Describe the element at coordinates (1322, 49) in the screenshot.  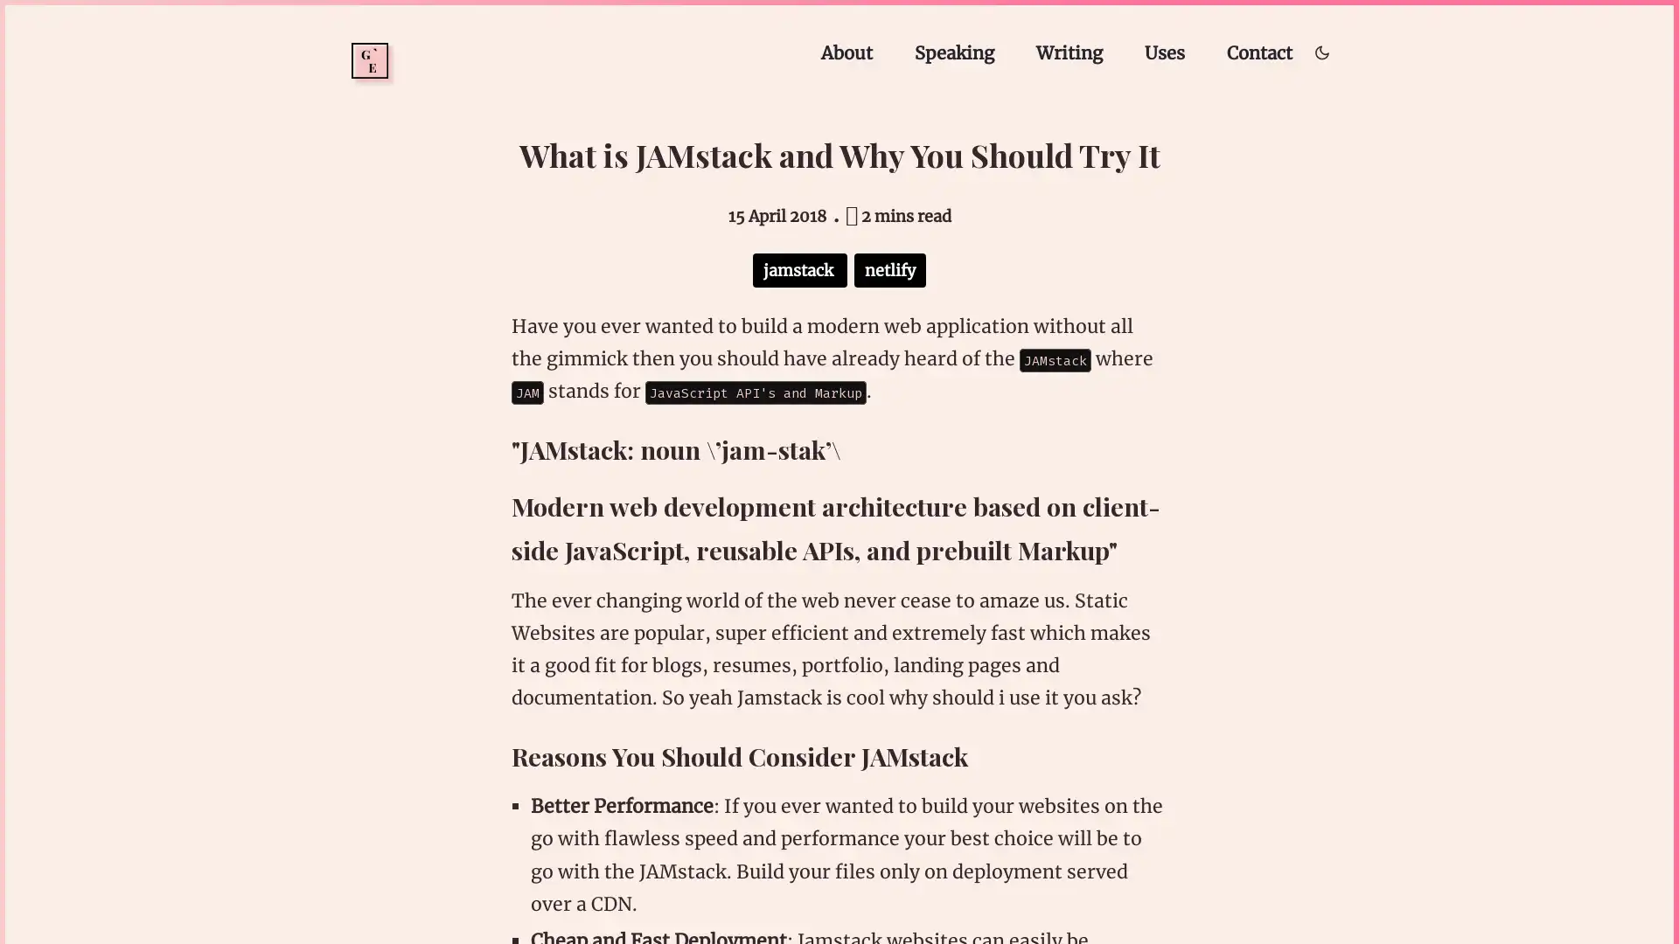
I see `Toggle dark/light` at that location.